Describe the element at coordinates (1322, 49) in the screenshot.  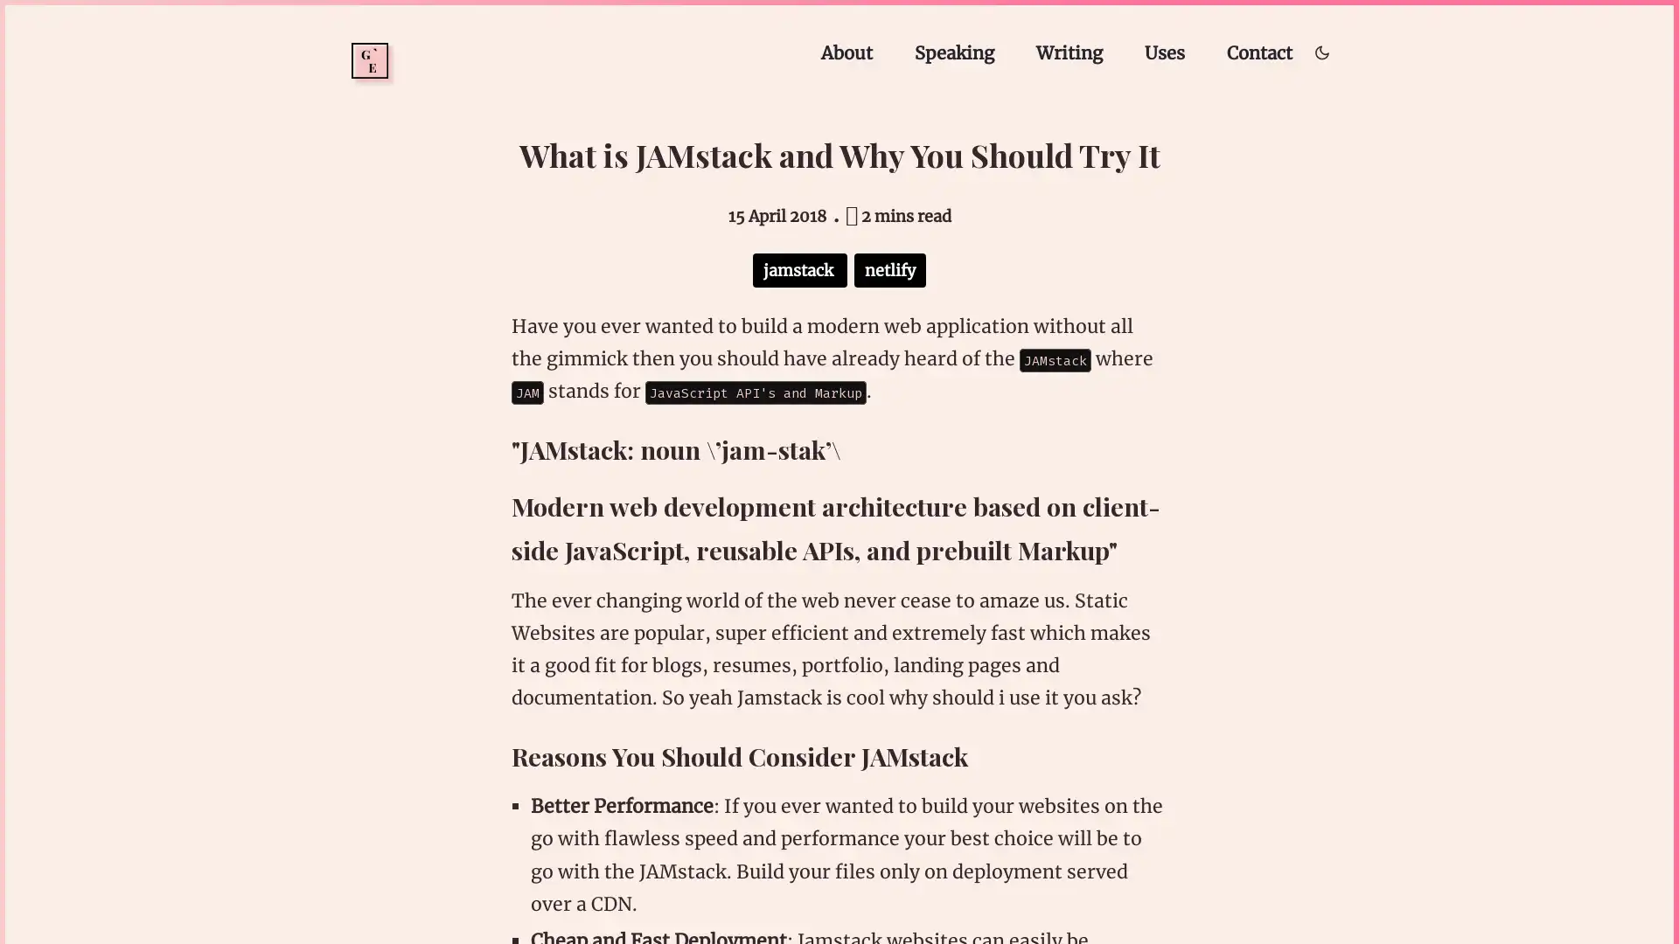
I see `Toggle dark/light` at that location.